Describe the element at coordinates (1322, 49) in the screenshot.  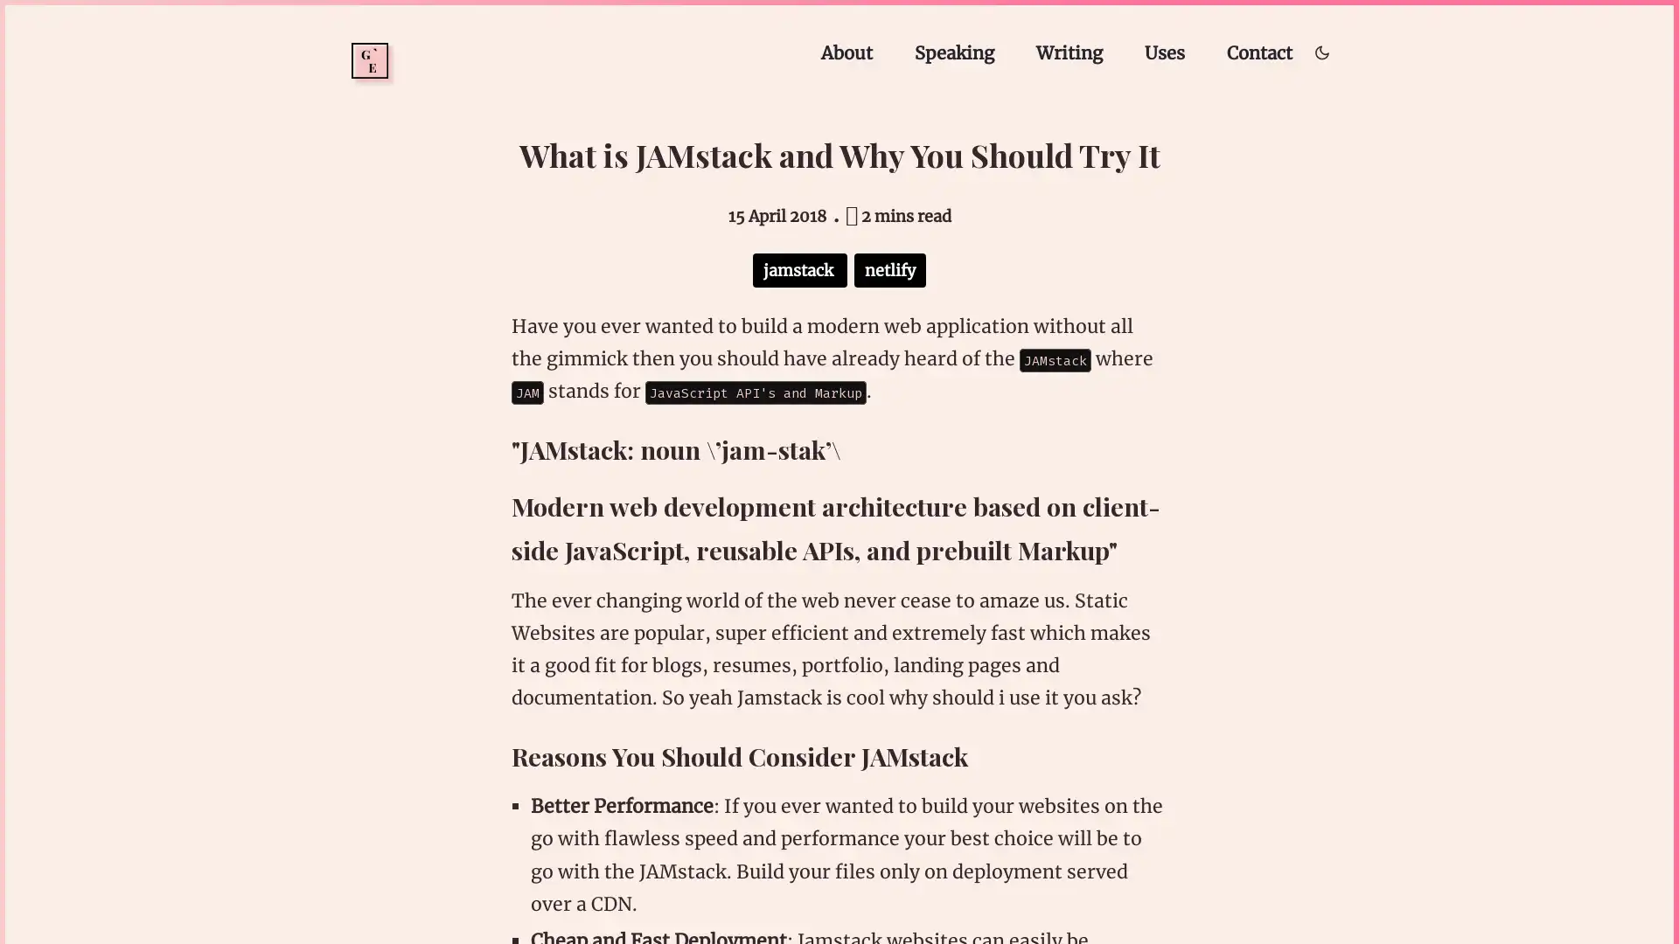
I see `Toggle dark/light` at that location.